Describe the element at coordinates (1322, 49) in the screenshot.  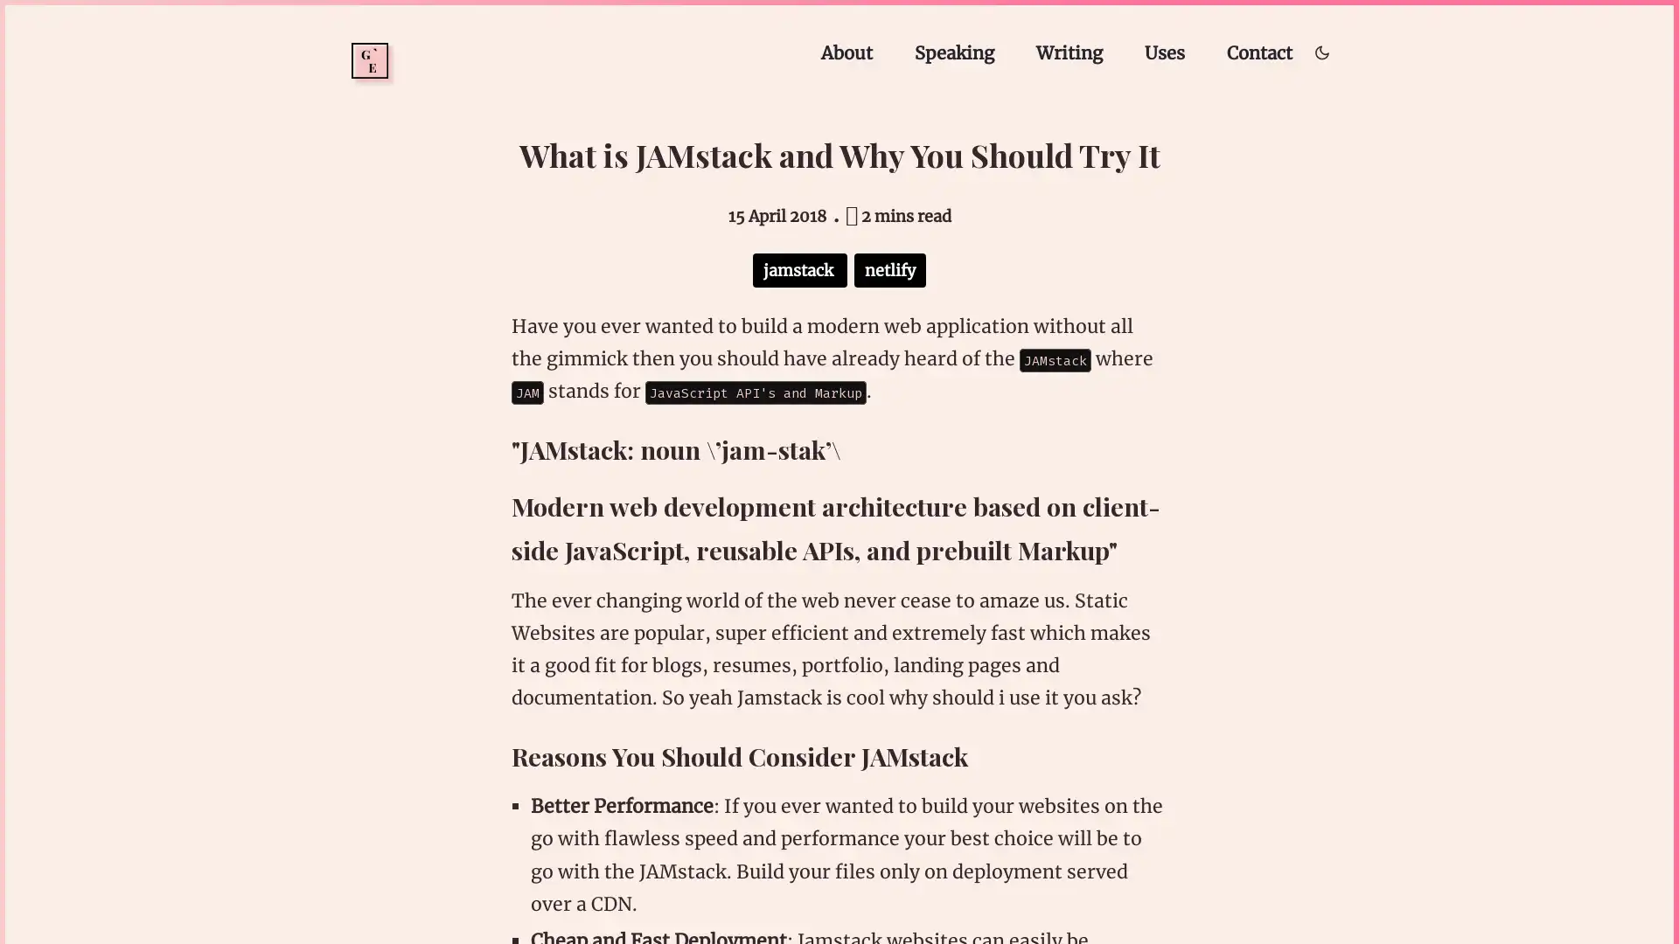
I see `Toggle dark/light` at that location.